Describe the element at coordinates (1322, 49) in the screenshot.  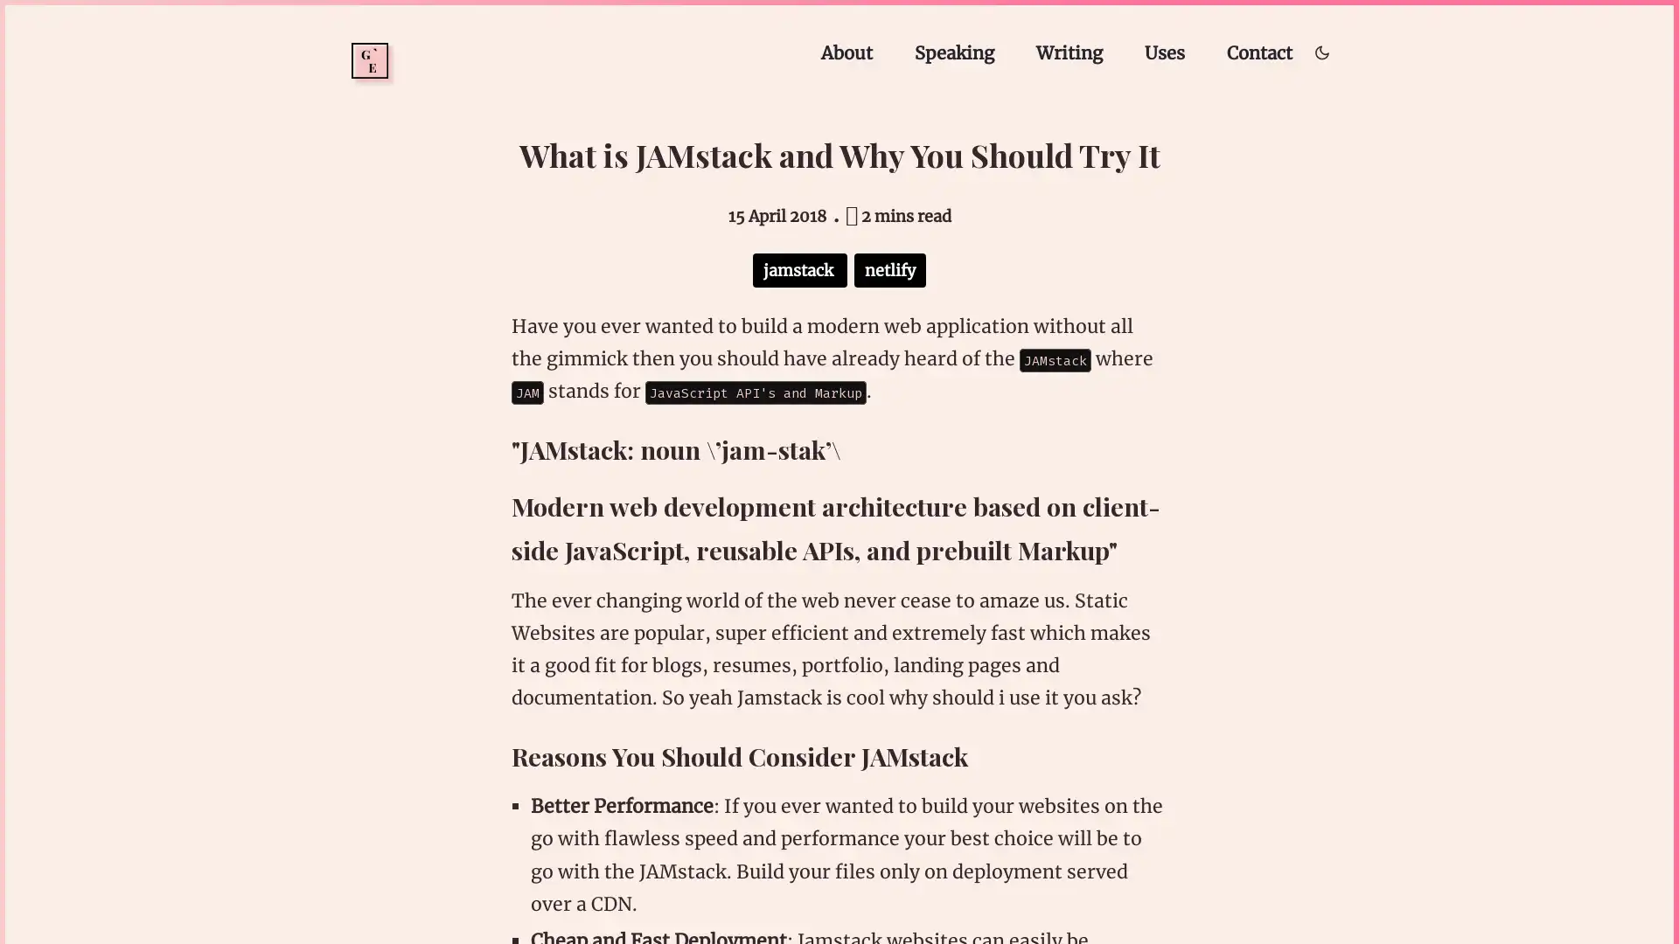
I see `Toggle dark/light` at that location.